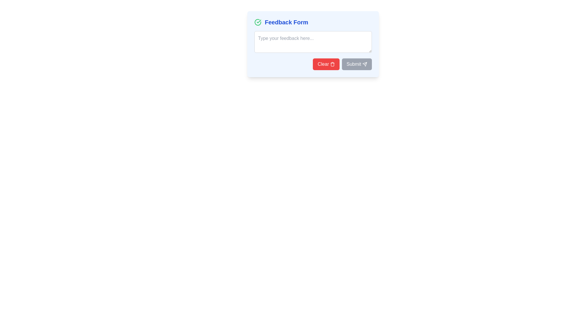 Image resolution: width=564 pixels, height=317 pixels. Describe the element at coordinates (325, 64) in the screenshot. I see `the 'Clear' button with a red background and white text to clear the input in the 'Feedback Form' interface` at that location.